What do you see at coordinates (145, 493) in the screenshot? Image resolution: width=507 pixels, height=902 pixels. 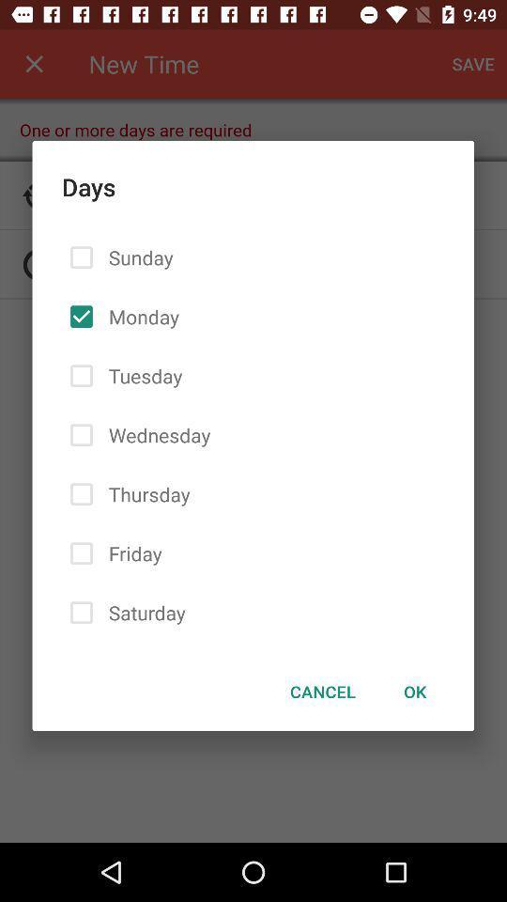 I see `thursday icon` at bounding box center [145, 493].